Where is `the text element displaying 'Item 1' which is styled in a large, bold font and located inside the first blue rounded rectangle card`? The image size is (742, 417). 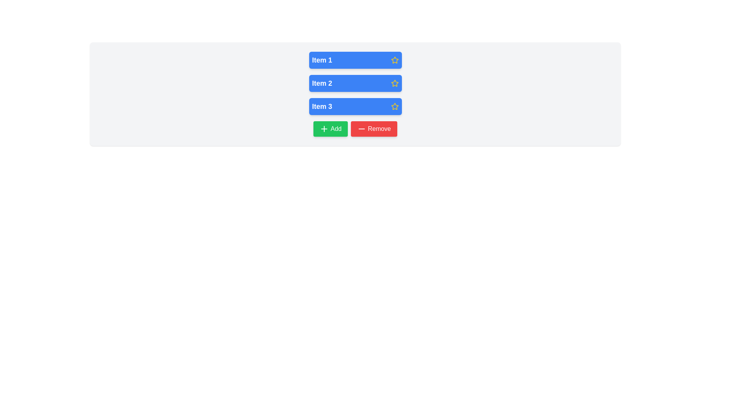 the text element displaying 'Item 1' which is styled in a large, bold font and located inside the first blue rounded rectangle card is located at coordinates (322, 59).